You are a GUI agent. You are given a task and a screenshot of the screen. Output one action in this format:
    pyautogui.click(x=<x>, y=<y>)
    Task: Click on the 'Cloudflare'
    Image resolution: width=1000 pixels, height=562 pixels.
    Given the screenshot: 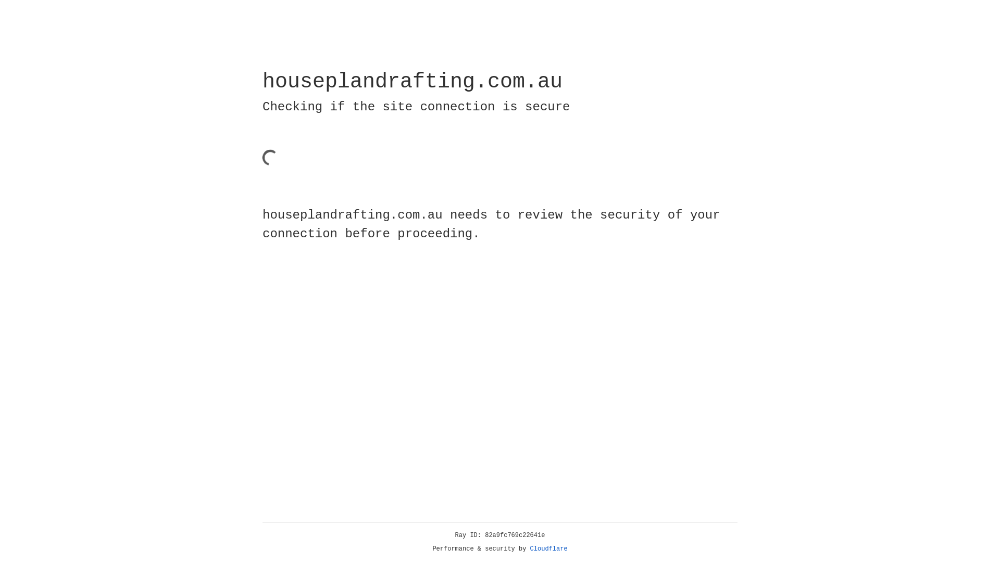 What is the action you would take?
    pyautogui.click(x=548, y=548)
    